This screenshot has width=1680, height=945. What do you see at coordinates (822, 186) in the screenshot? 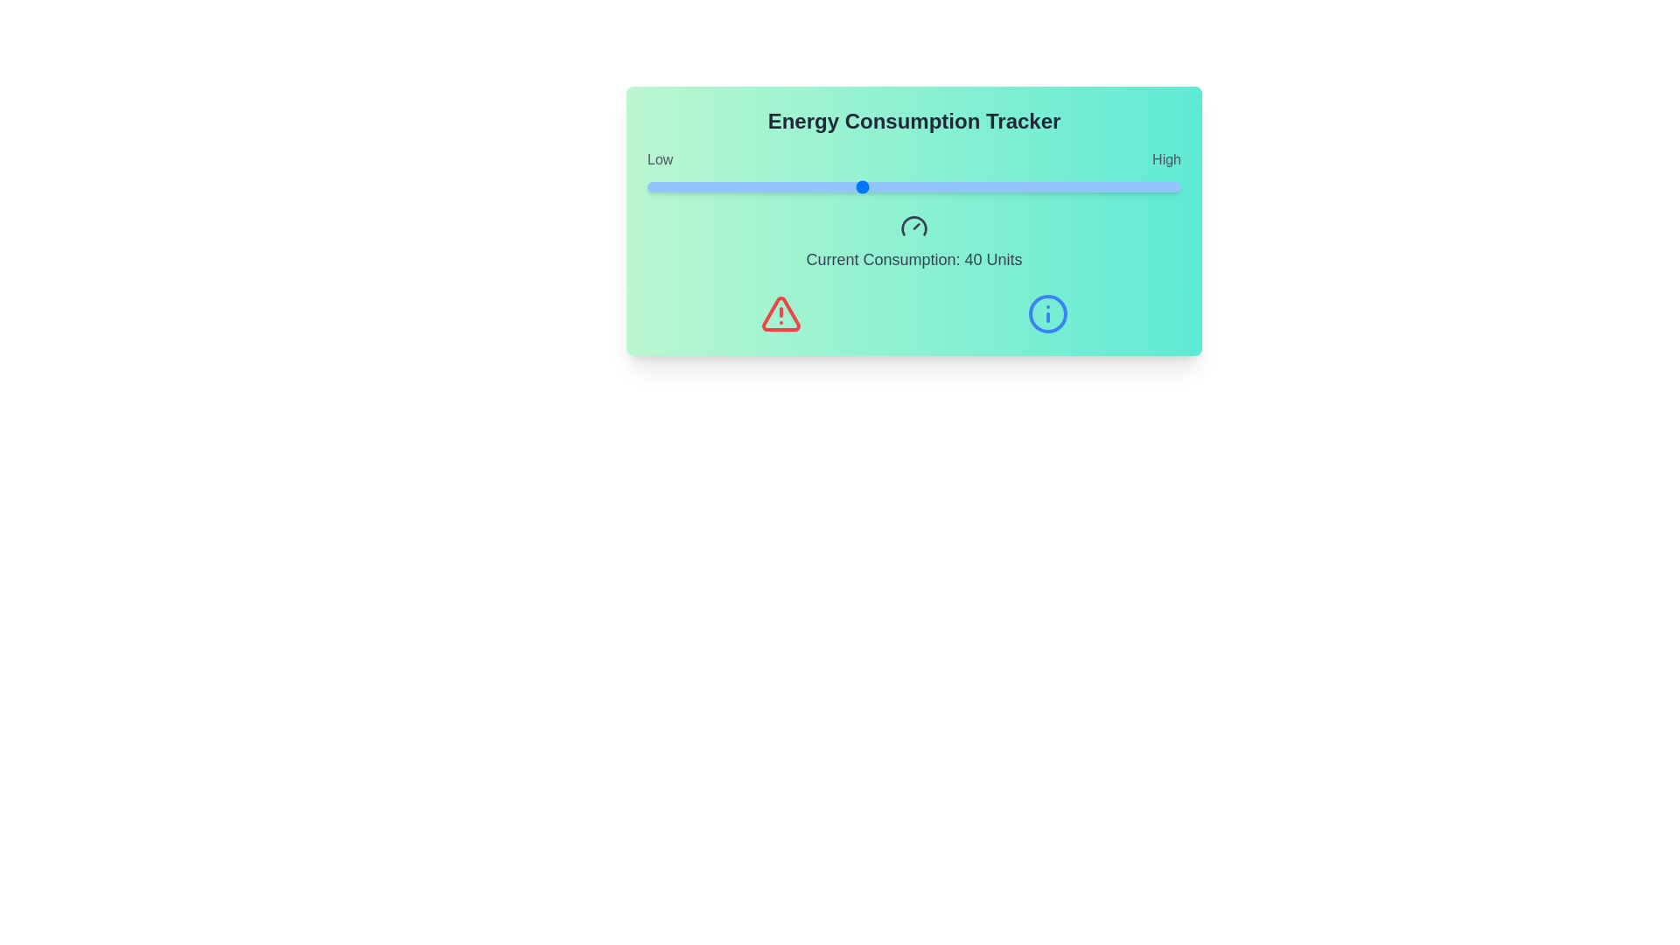
I see `the energy consumption slider to 33 units` at bounding box center [822, 186].